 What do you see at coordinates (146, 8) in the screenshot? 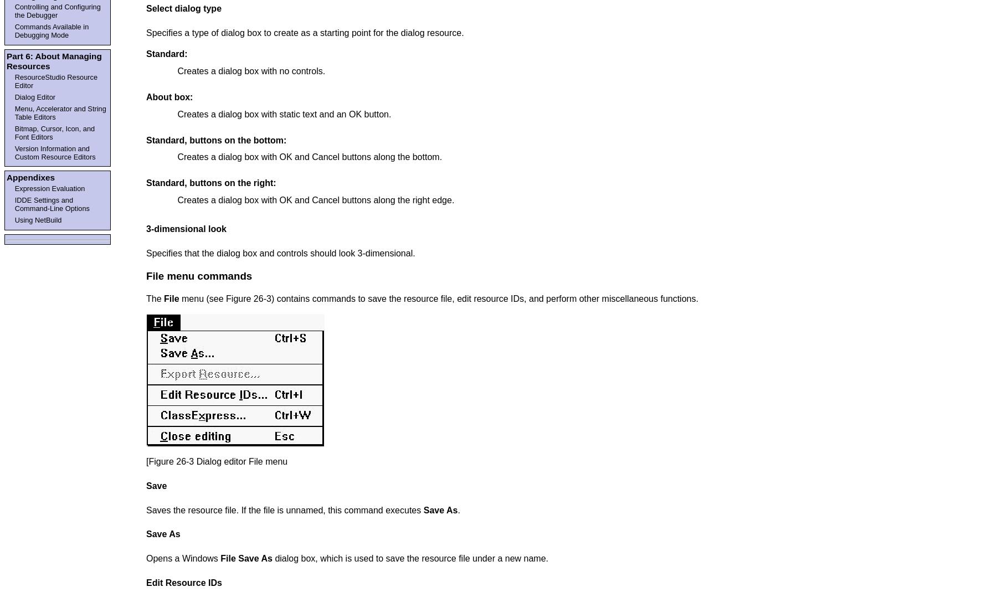
I see `'Select dialog type'` at bounding box center [146, 8].